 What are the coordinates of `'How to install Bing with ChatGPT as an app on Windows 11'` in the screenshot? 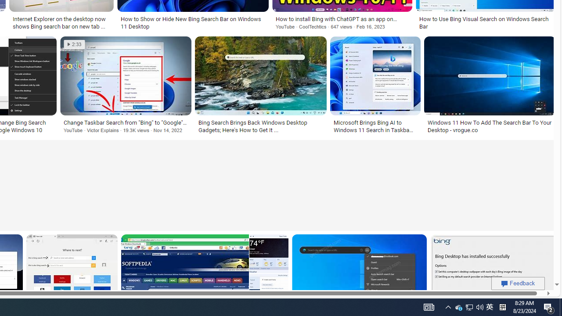 It's located at (342, 19).